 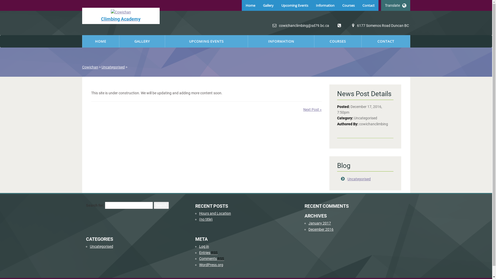 What do you see at coordinates (100, 41) in the screenshot?
I see `'HOME'` at bounding box center [100, 41].